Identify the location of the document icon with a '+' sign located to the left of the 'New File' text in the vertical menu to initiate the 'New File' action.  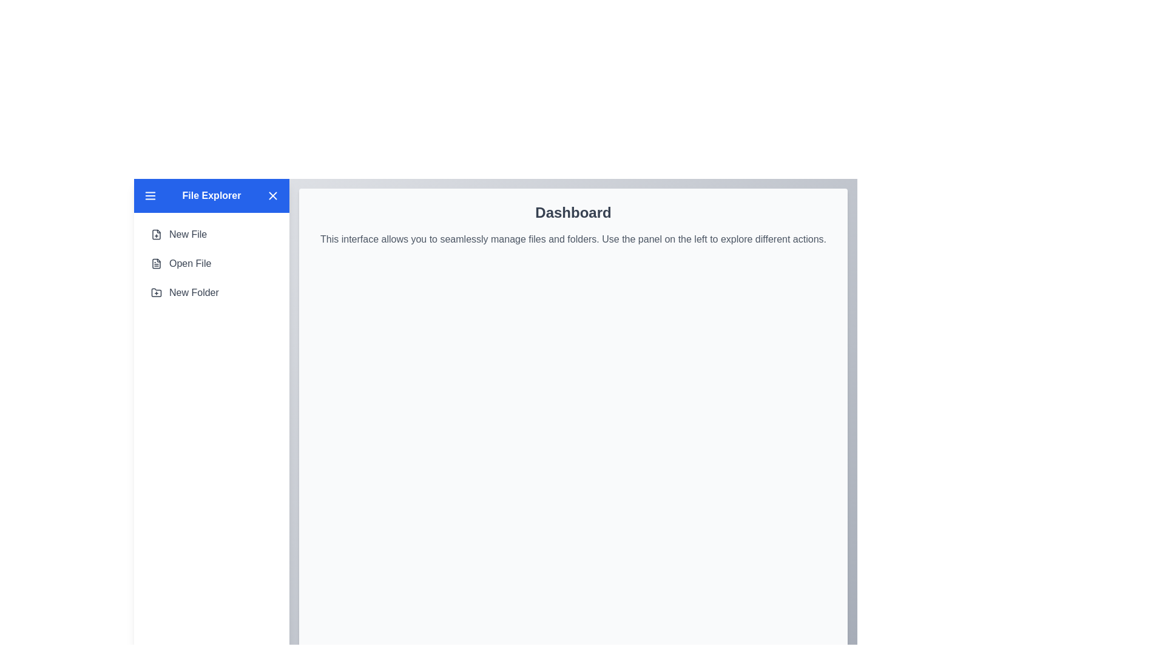
(156, 234).